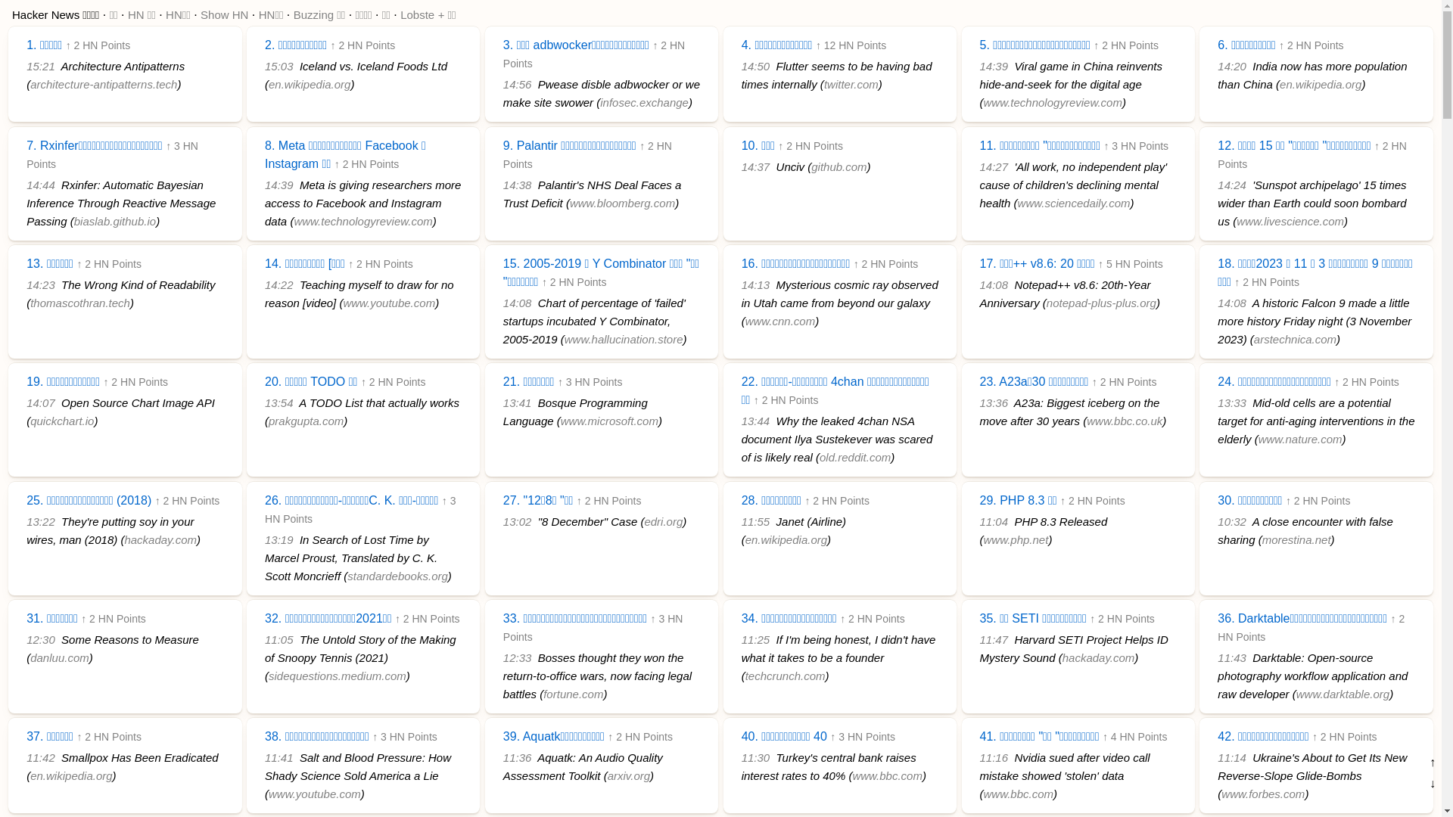 This screenshot has width=1453, height=817. I want to click on '13:41', so click(518, 402).